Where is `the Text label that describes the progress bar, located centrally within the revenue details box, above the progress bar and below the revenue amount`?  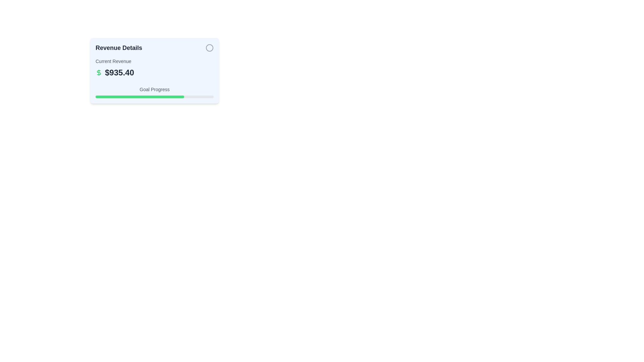
the Text label that describes the progress bar, located centrally within the revenue details box, above the progress bar and below the revenue amount is located at coordinates (154, 89).